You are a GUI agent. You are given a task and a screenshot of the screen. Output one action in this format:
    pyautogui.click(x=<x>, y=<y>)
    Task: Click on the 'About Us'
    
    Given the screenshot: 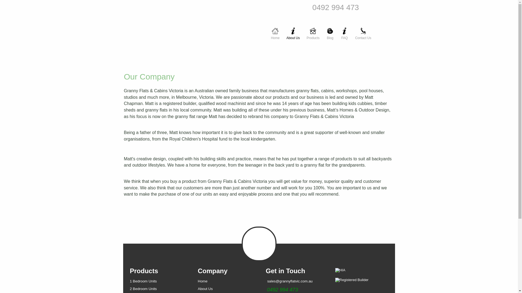 What is the action you would take?
    pyautogui.click(x=283, y=30)
    